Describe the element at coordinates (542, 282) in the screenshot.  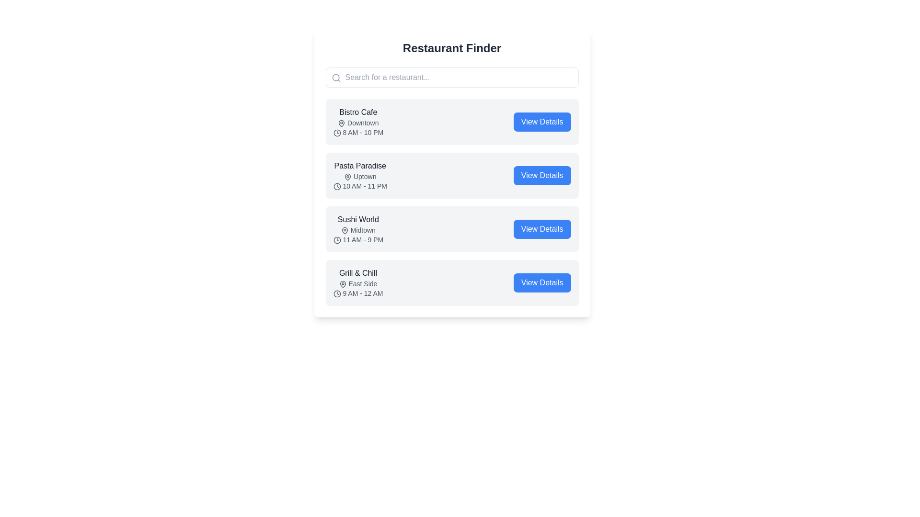
I see `the 'View Details' button with rounded corners and a blue background located in the last listing of restaurant entries, aligned to the right of 'Grill & Chill'` at that location.